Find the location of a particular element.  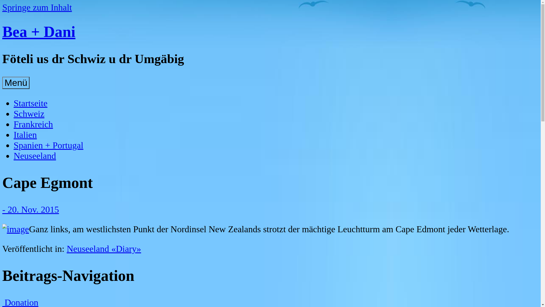

'Springe zum Inhalt' is located at coordinates (37, 7).